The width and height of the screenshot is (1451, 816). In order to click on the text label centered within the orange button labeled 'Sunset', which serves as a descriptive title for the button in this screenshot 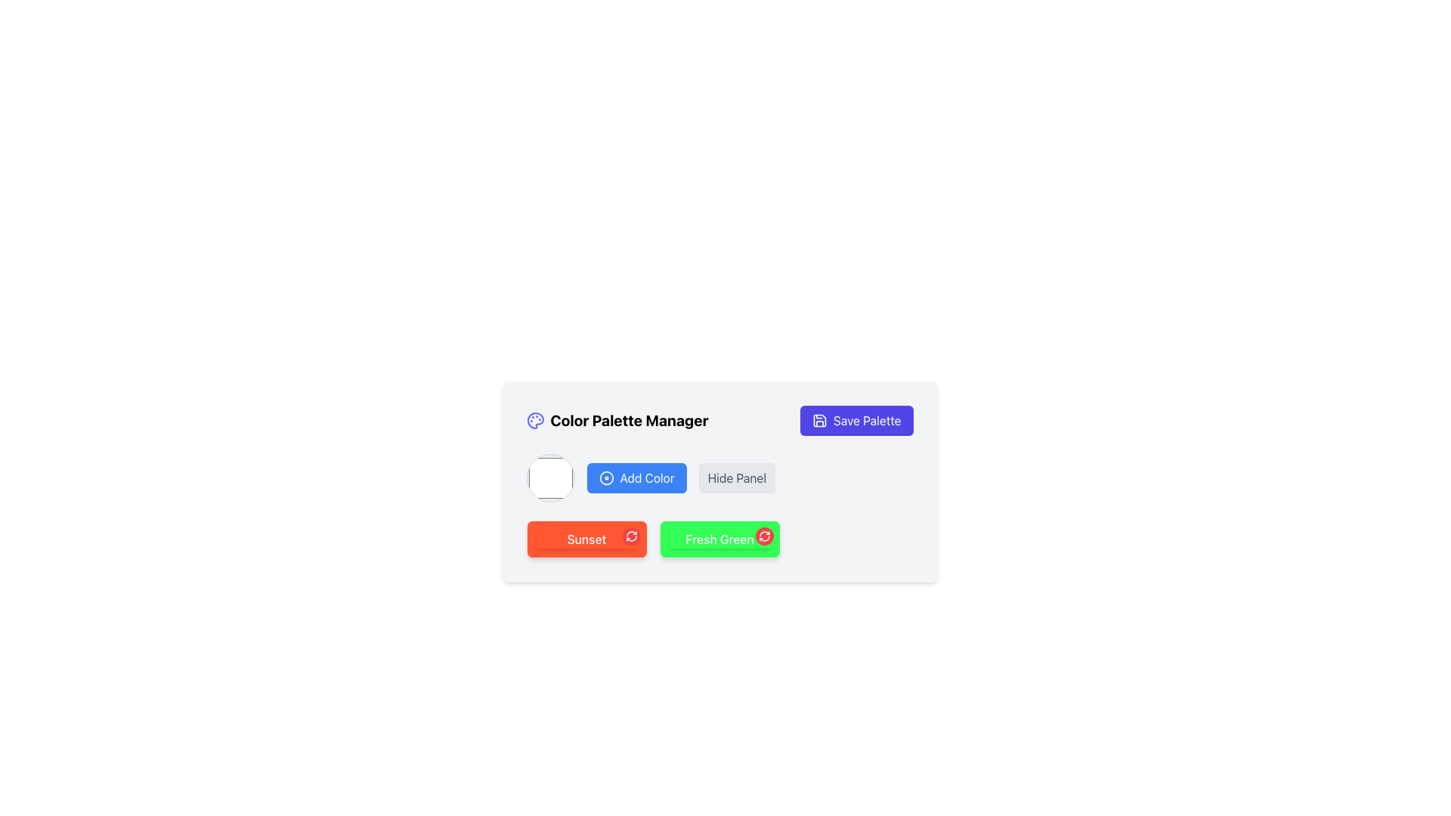, I will do `click(586, 538)`.